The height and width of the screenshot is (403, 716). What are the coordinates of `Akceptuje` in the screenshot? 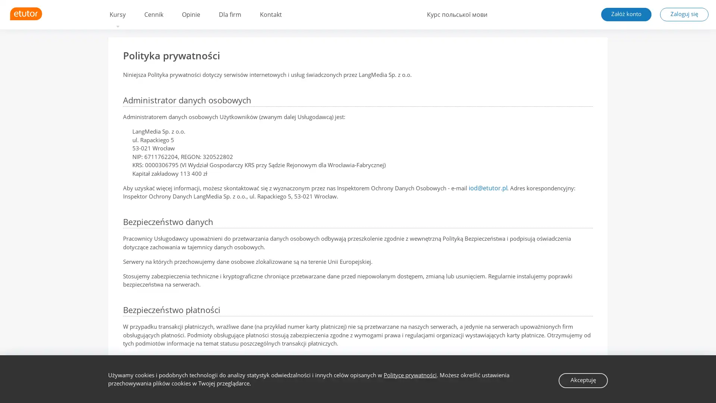 It's located at (584, 380).